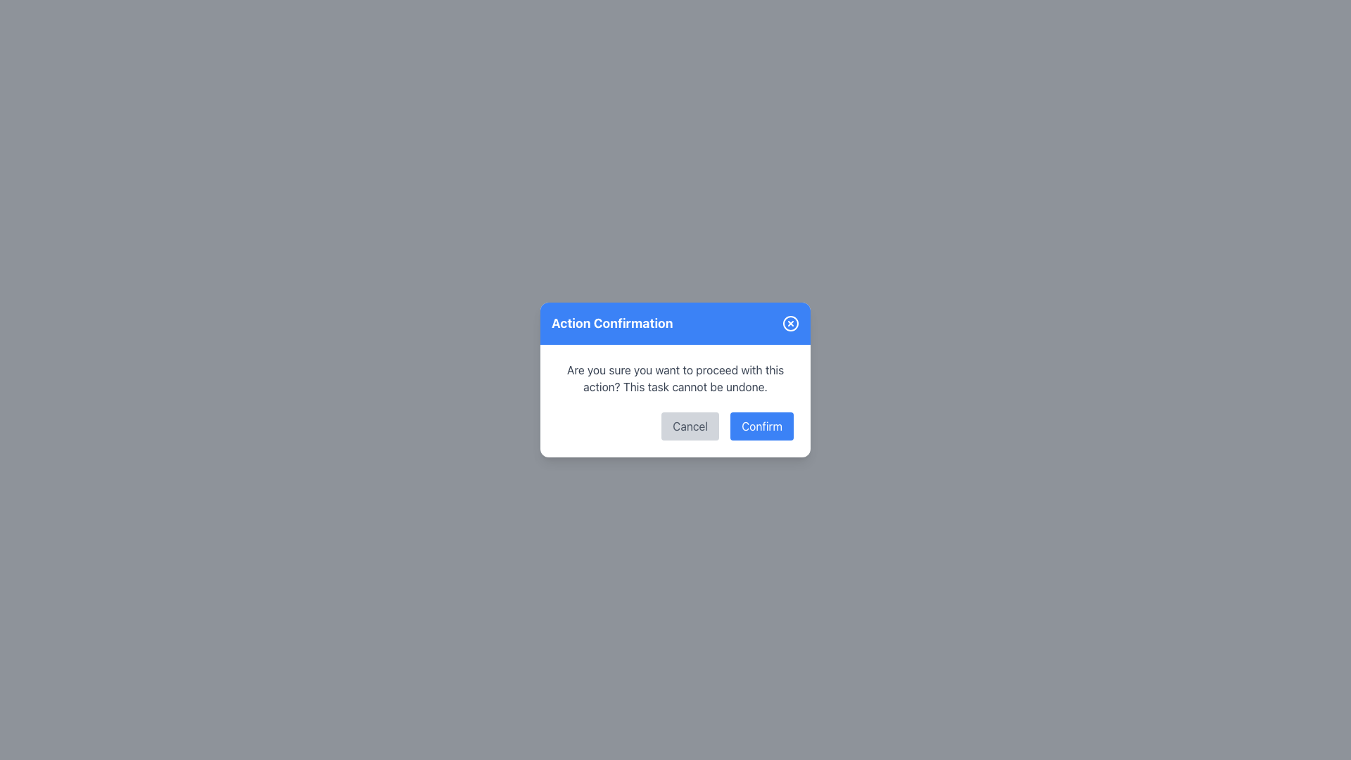 The image size is (1351, 760). What do you see at coordinates (790, 323) in the screenshot?
I see `the close button located in the top-right corner of the 'Action Confirmation' modal header` at bounding box center [790, 323].